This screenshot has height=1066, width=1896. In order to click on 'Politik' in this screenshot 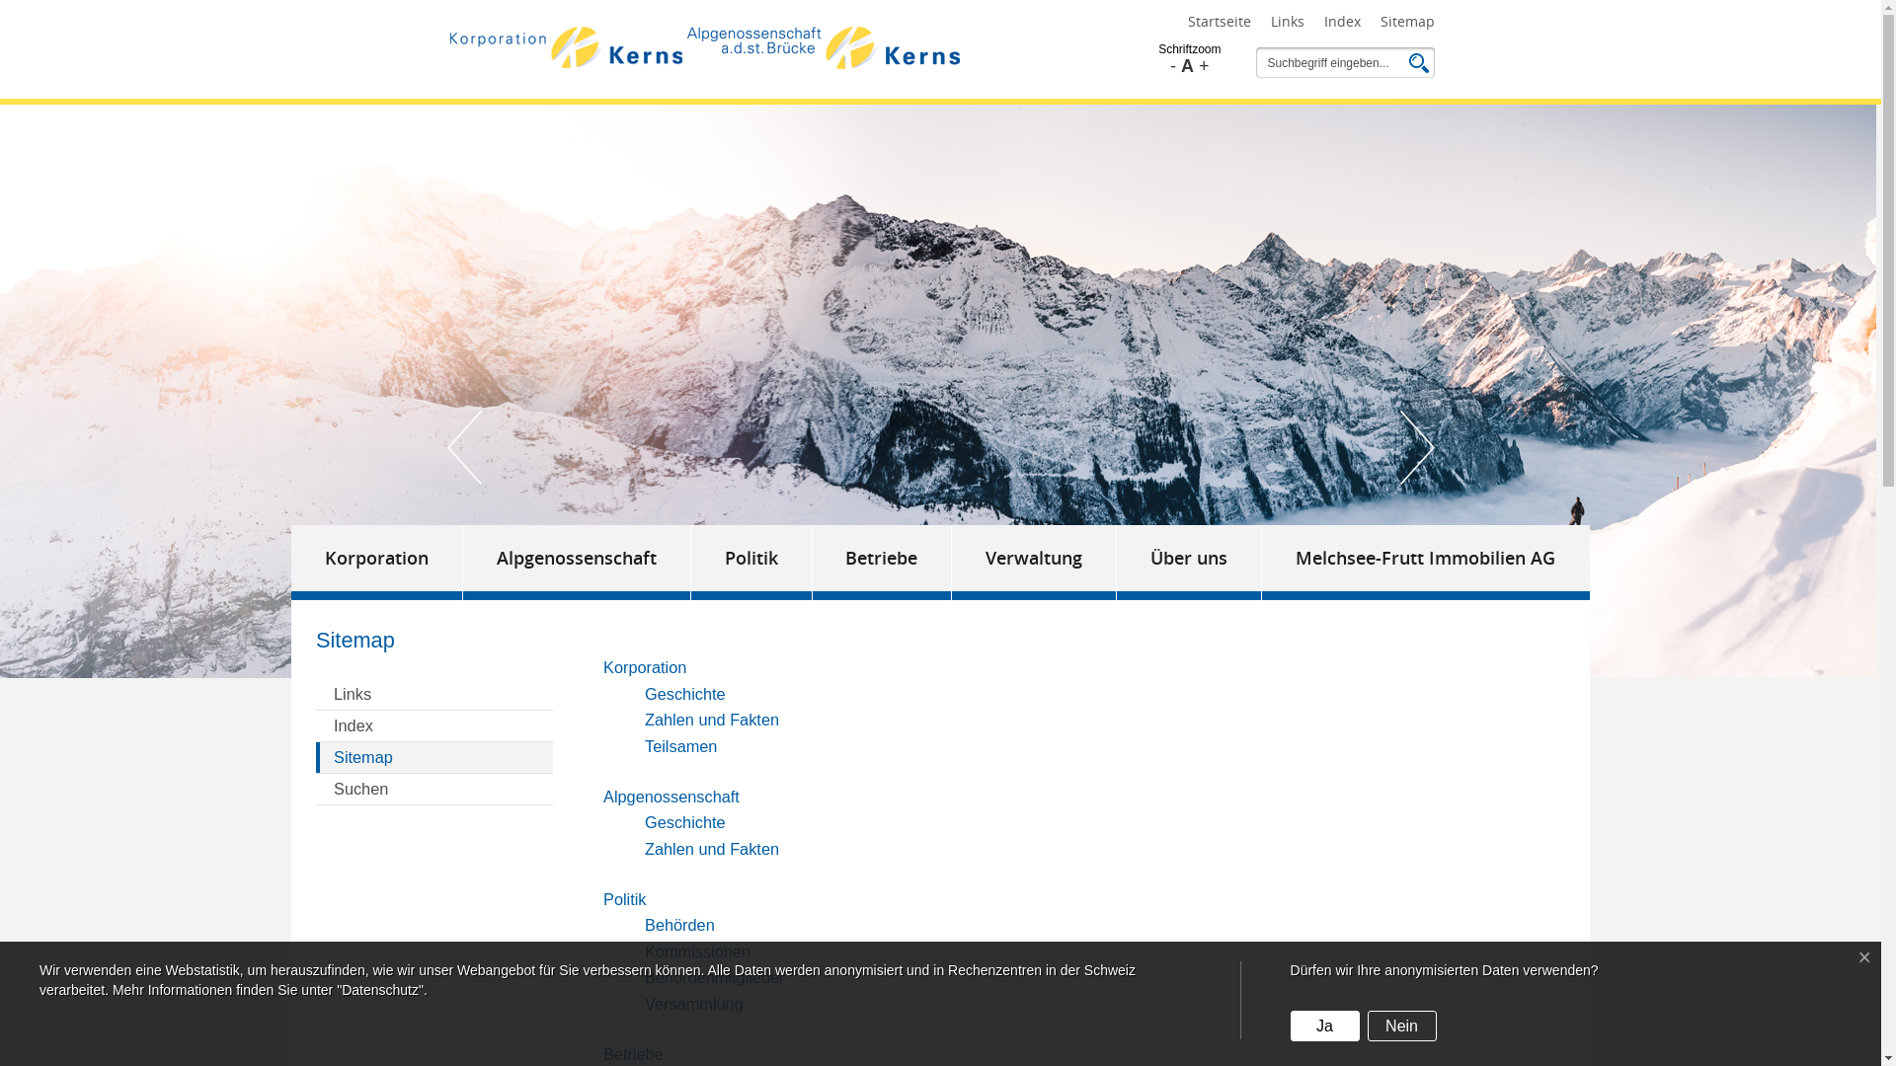, I will do `click(750, 563)`.